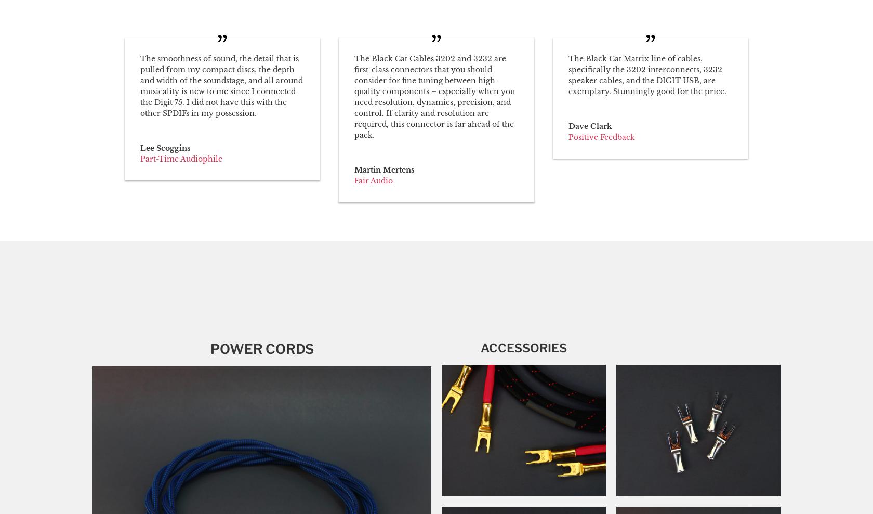 This screenshot has width=873, height=514. What do you see at coordinates (181, 159) in the screenshot?
I see `'Part-Time Audiophile'` at bounding box center [181, 159].